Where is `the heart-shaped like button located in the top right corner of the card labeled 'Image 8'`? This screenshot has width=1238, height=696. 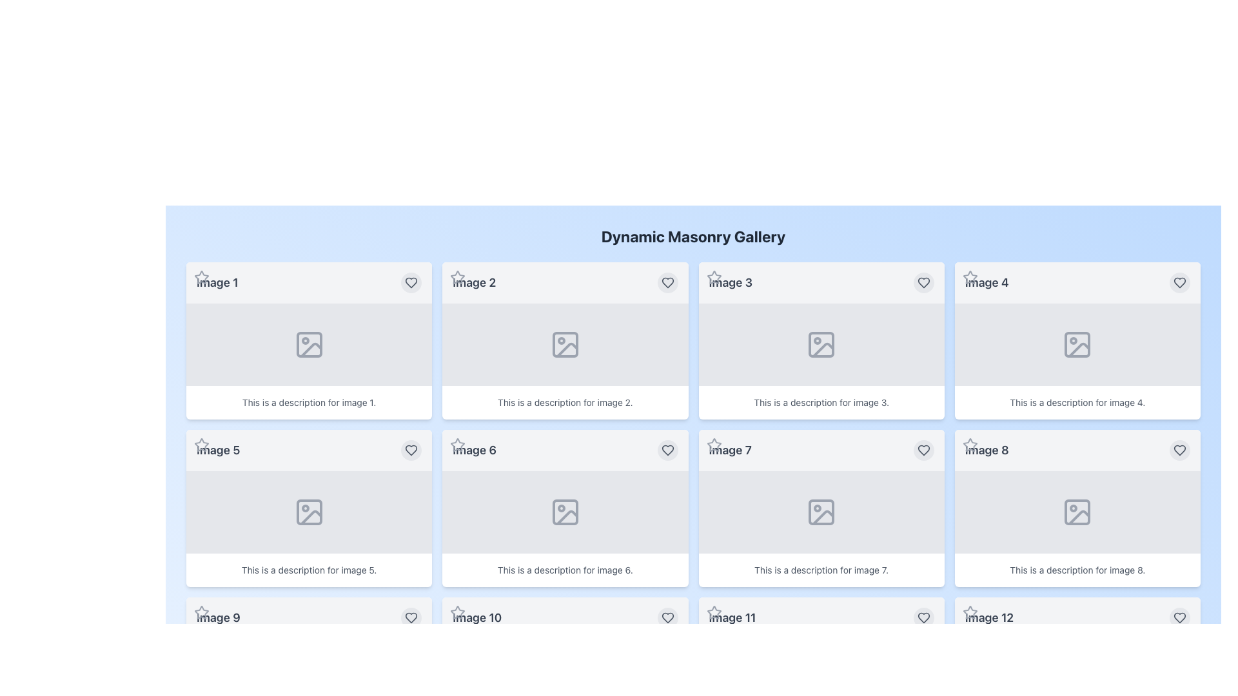
the heart-shaped like button located in the top right corner of the card labeled 'Image 8' is located at coordinates (1179, 449).